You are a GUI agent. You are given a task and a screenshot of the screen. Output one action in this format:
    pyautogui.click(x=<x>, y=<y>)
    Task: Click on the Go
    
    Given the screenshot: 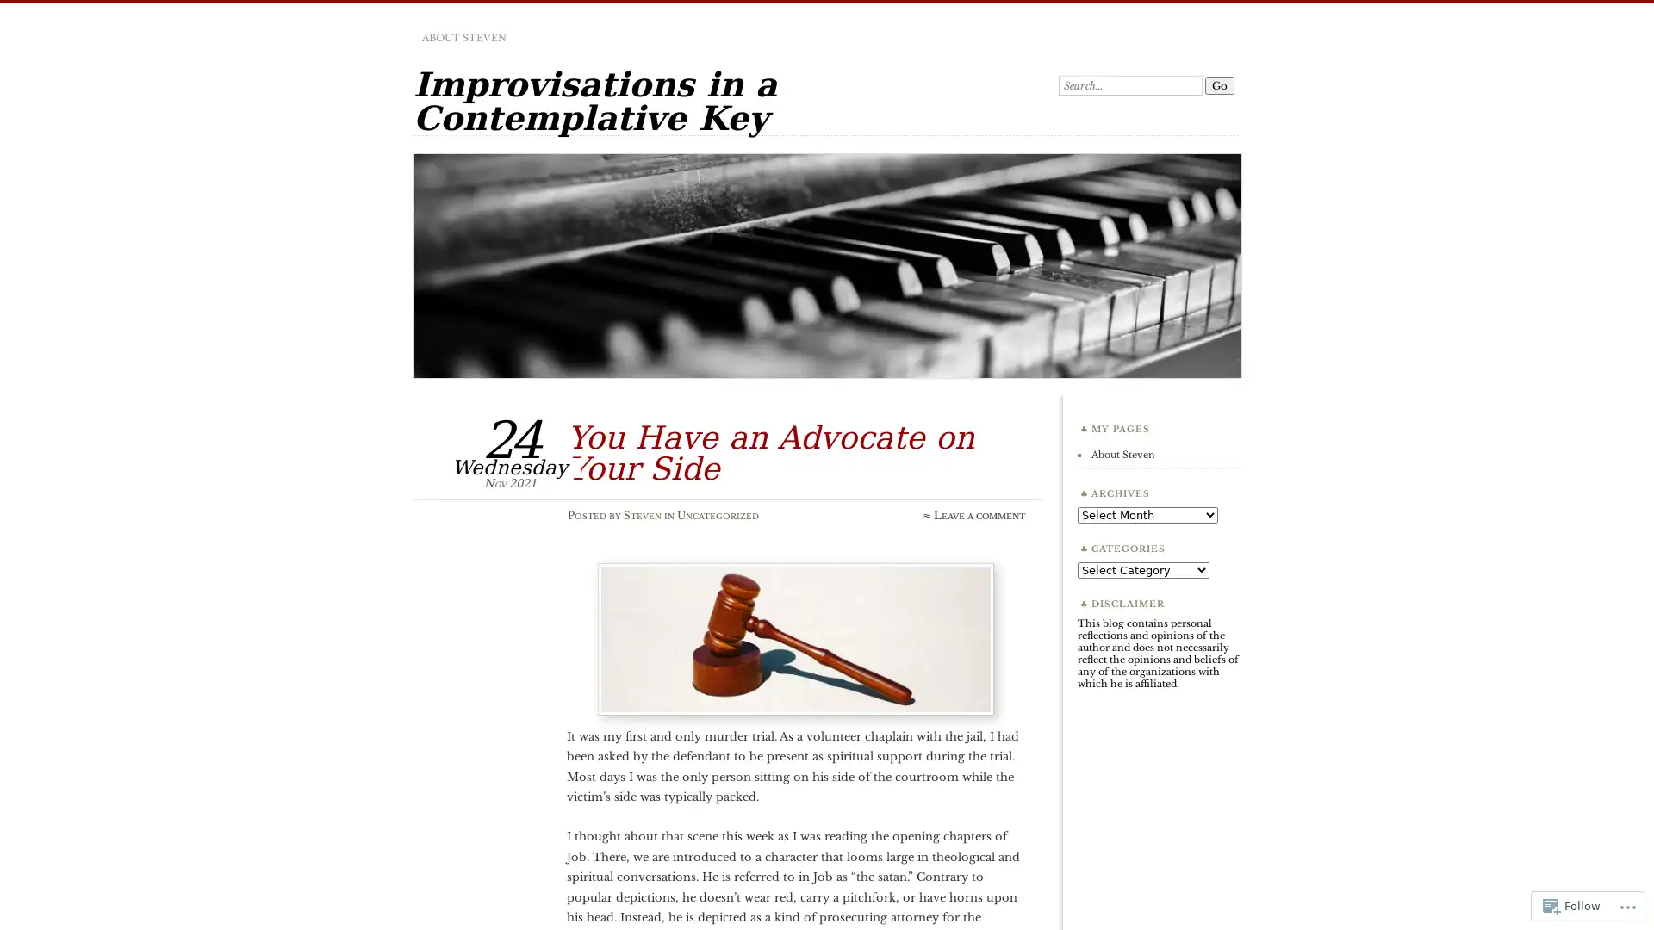 What is the action you would take?
    pyautogui.click(x=1219, y=85)
    